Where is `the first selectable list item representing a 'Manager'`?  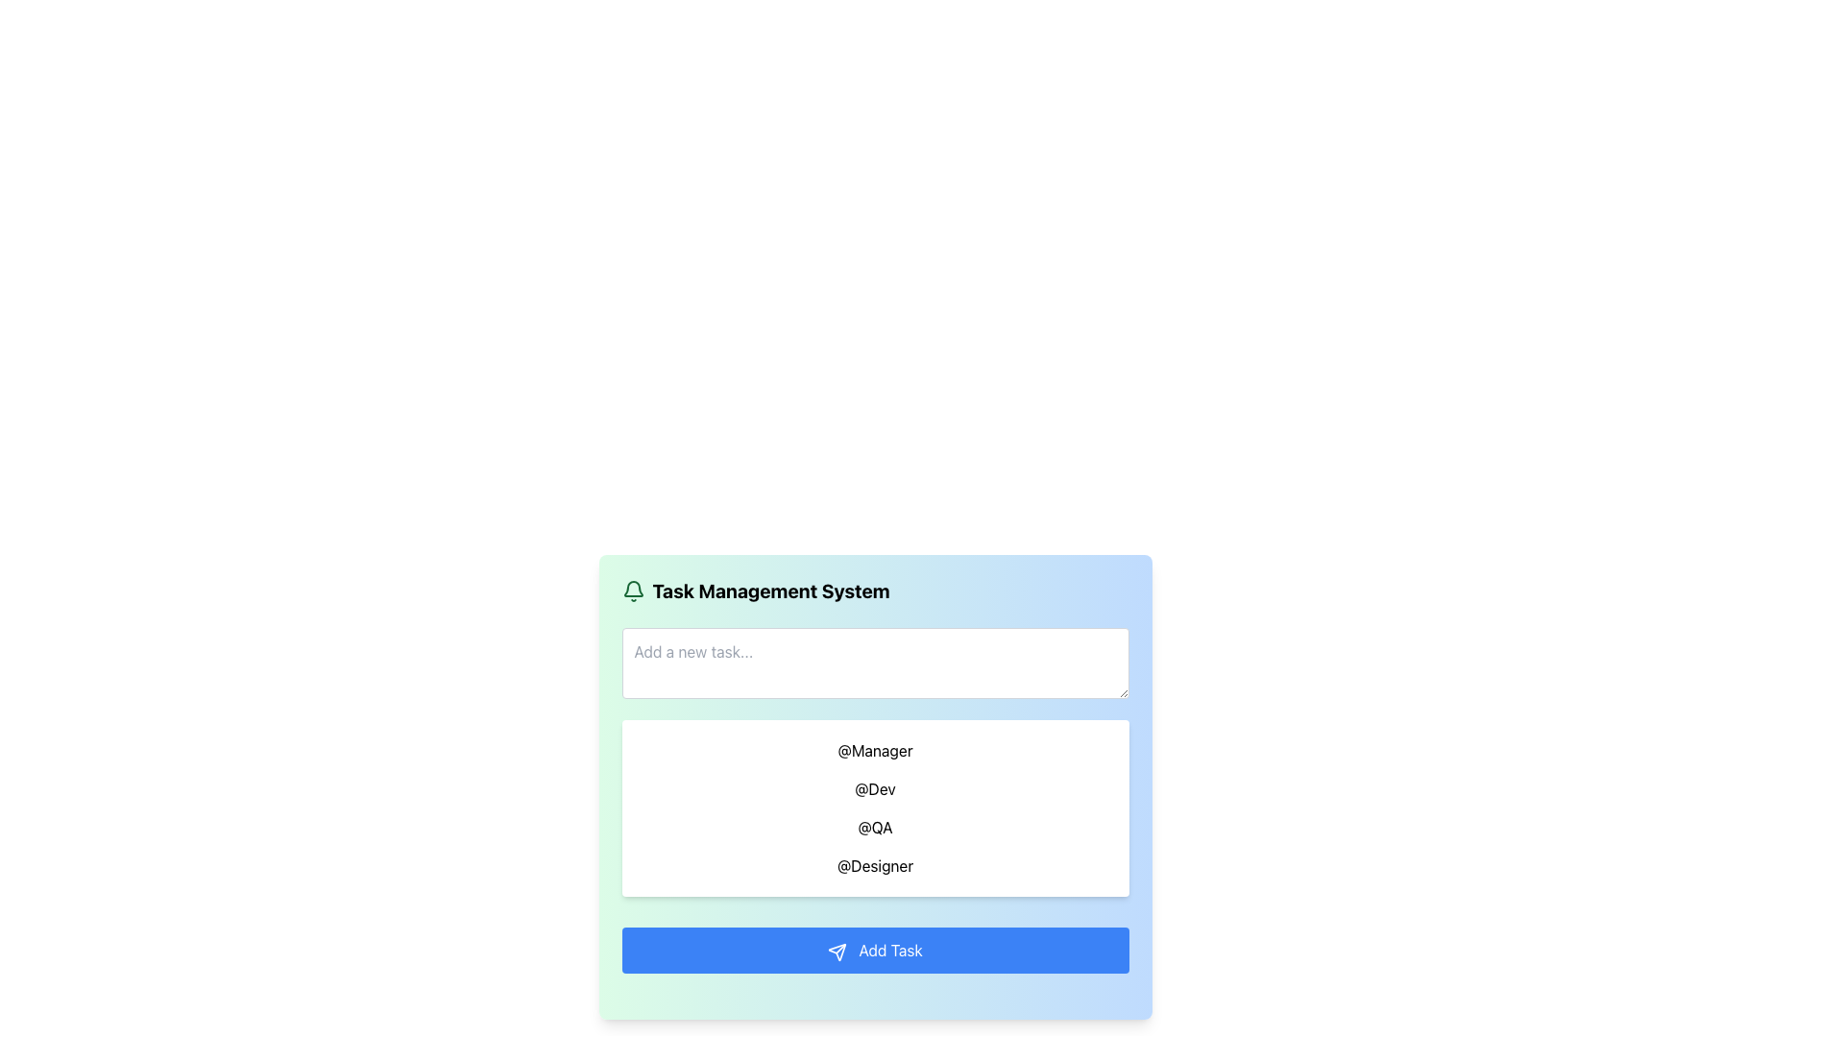 the first selectable list item representing a 'Manager' is located at coordinates (874, 750).